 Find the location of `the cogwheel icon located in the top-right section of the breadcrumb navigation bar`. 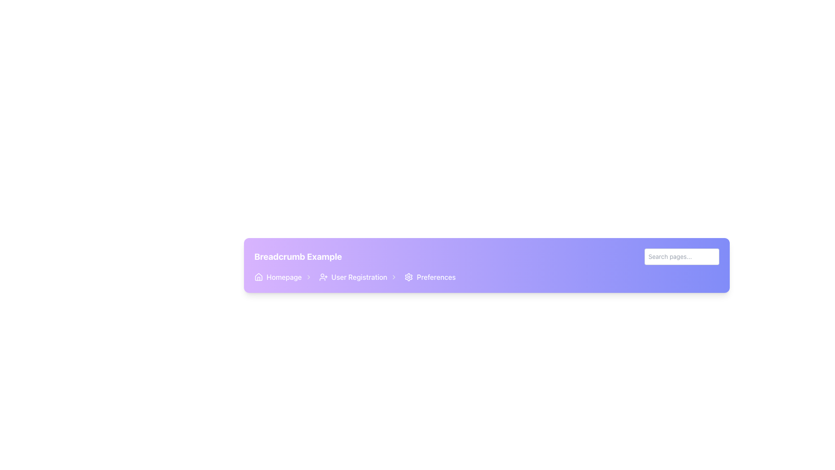

the cogwheel icon located in the top-right section of the breadcrumb navigation bar is located at coordinates (408, 277).